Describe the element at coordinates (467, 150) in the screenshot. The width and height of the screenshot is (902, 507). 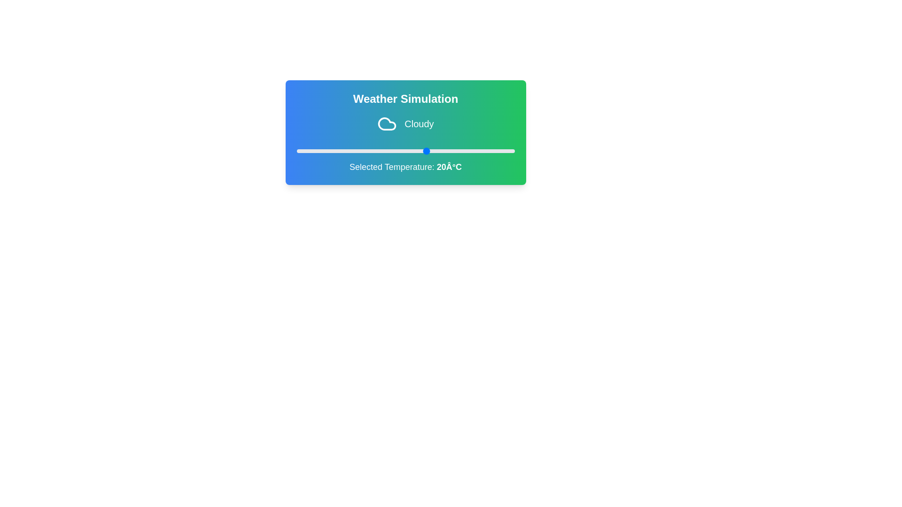
I see `the temperature` at that location.